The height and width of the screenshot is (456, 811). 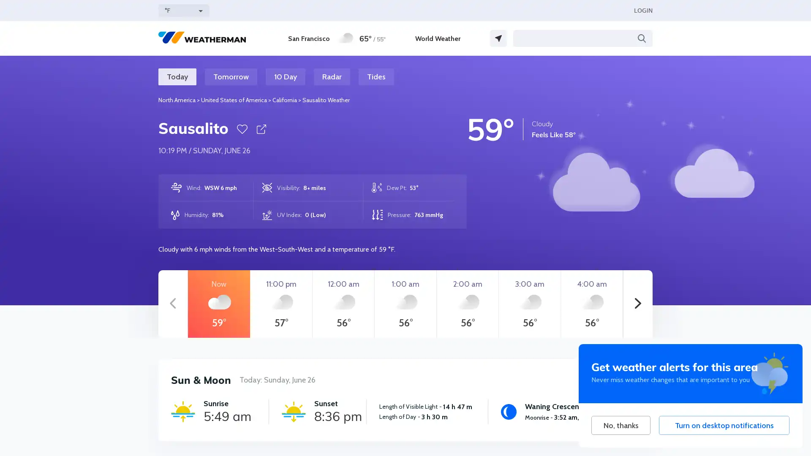 I want to click on No, thanks, so click(x=620, y=425).